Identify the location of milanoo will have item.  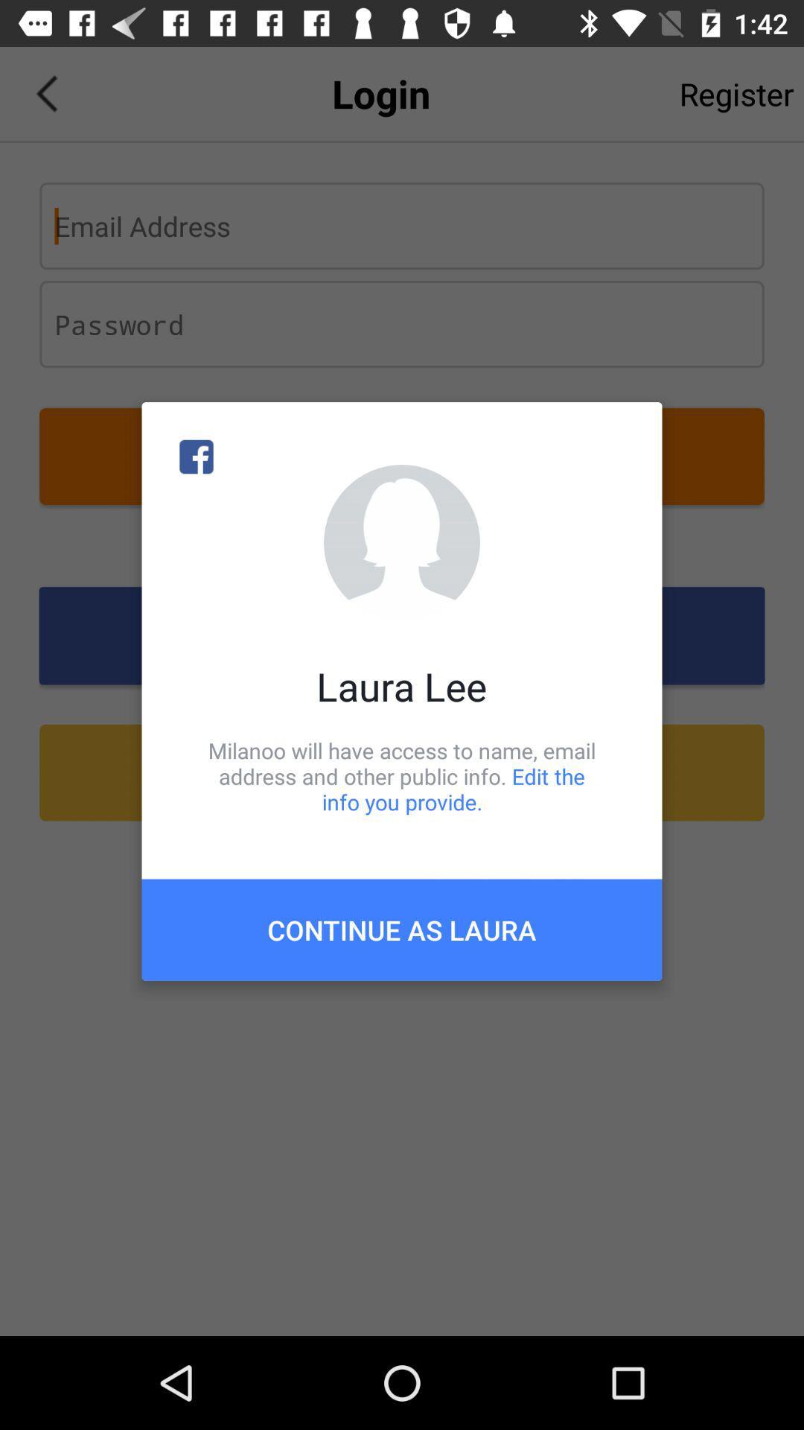
(402, 775).